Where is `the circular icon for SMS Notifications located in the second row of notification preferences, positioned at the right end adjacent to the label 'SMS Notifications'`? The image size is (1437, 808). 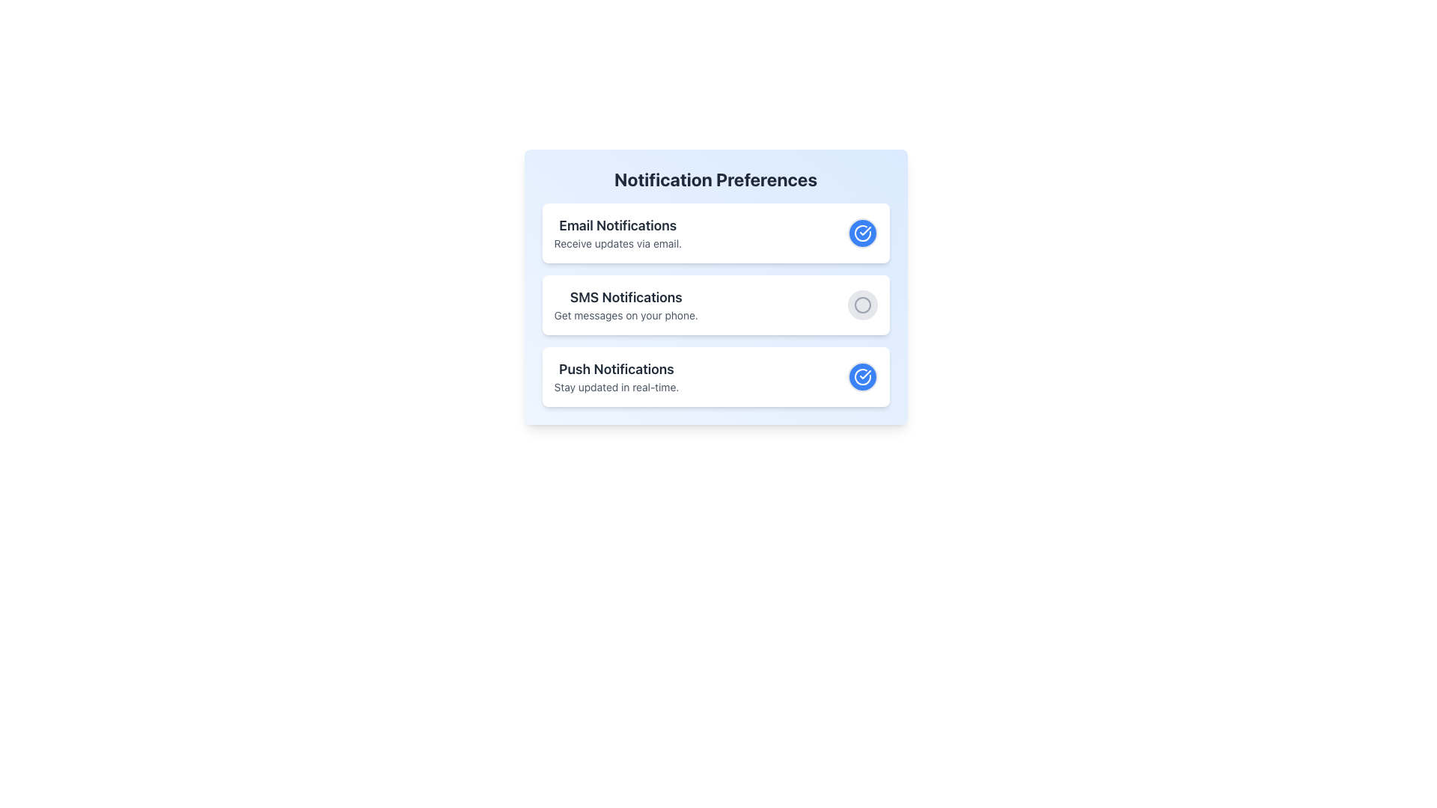
the circular icon for SMS Notifications located in the second row of notification preferences, positioned at the right end adjacent to the label 'SMS Notifications' is located at coordinates (862, 304).